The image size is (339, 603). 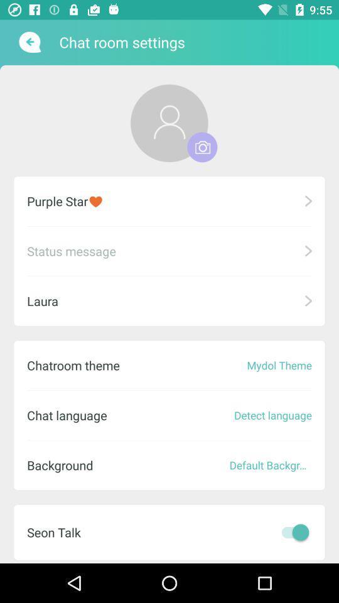 I want to click on photo, so click(x=202, y=147).